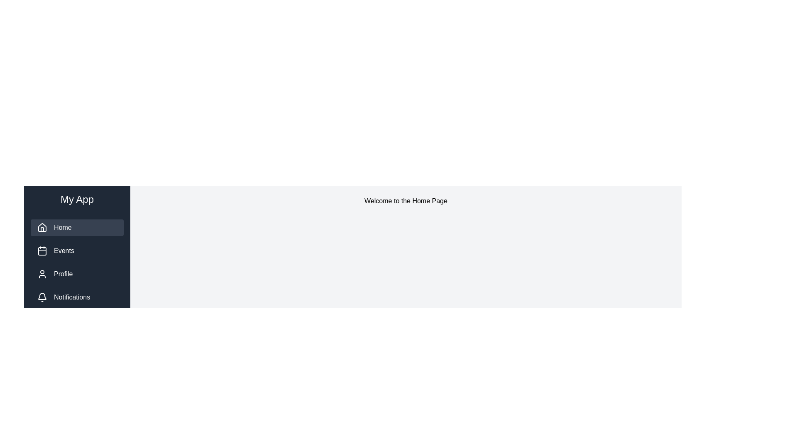 The width and height of the screenshot is (797, 448). Describe the element at coordinates (42, 251) in the screenshot. I see `the calendar icon, which is a simple line art representation with a square outline and two tabs at the top, located next to the 'Events' text in the vertical navigation menu` at that location.